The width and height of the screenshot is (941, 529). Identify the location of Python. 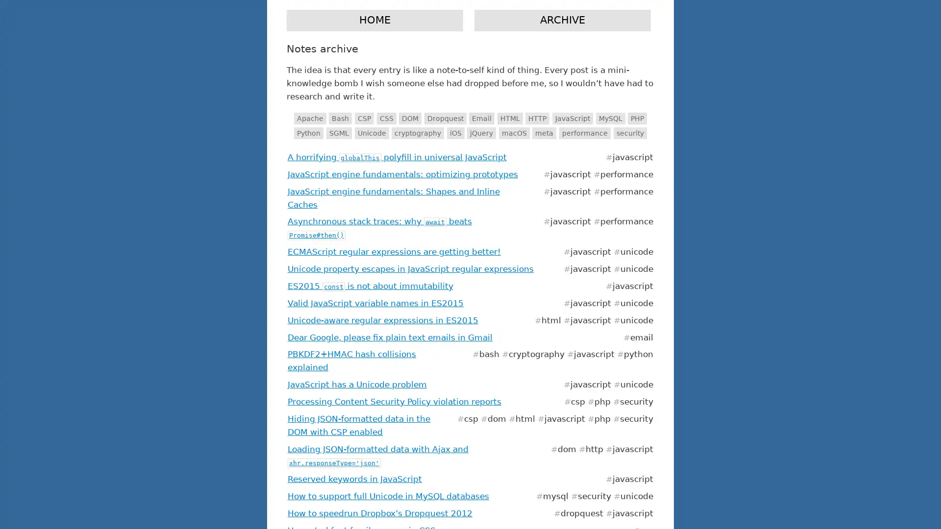
(308, 133).